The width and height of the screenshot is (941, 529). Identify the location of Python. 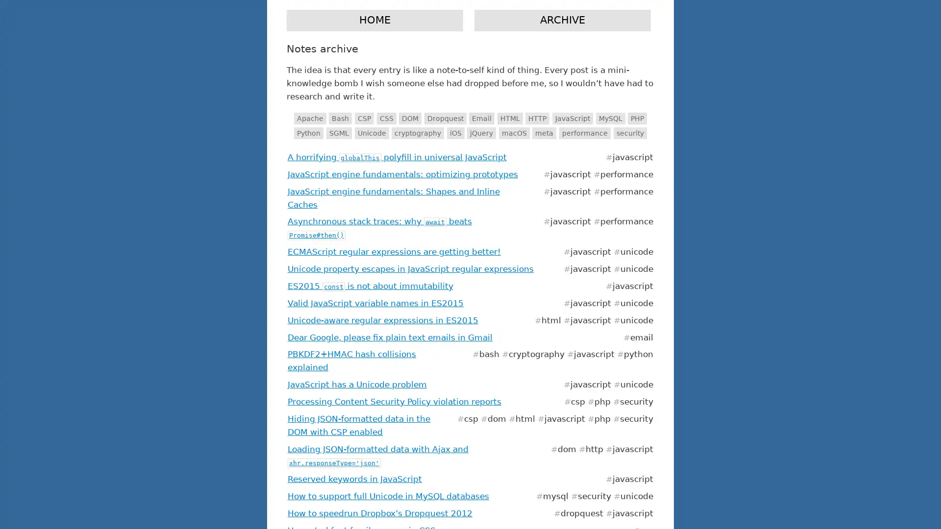
(308, 133).